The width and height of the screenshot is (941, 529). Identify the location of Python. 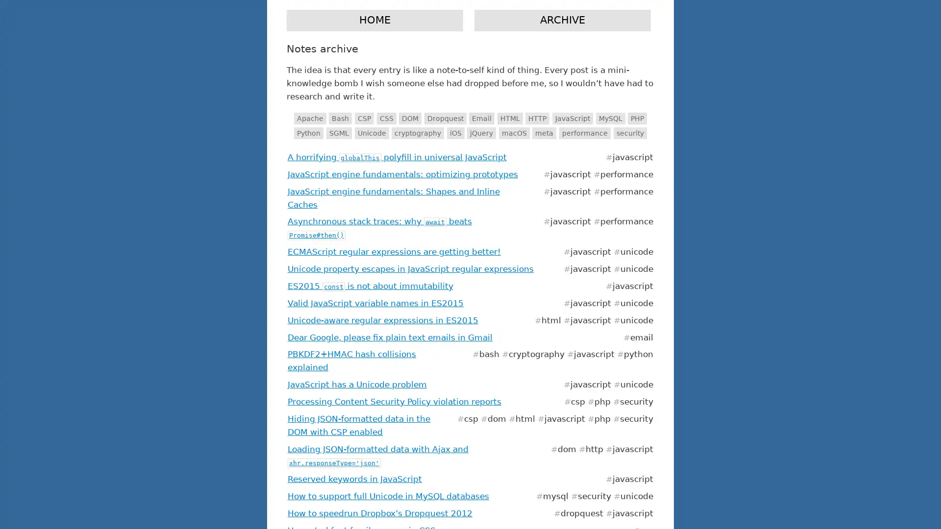
(308, 133).